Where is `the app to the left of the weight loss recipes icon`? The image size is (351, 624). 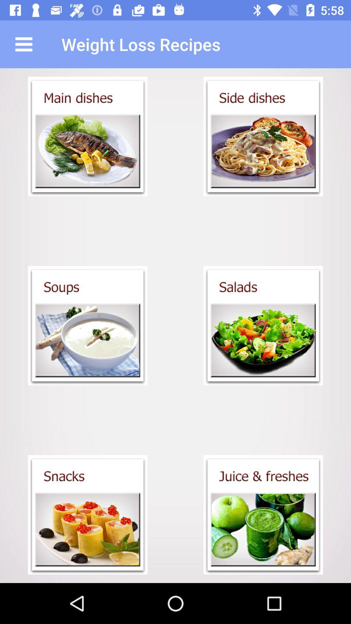
the app to the left of the weight loss recipes icon is located at coordinates (23, 44).